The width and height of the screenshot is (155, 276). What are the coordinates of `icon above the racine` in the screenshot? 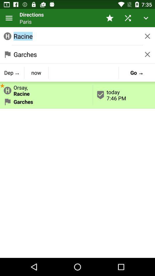 It's located at (128, 18).